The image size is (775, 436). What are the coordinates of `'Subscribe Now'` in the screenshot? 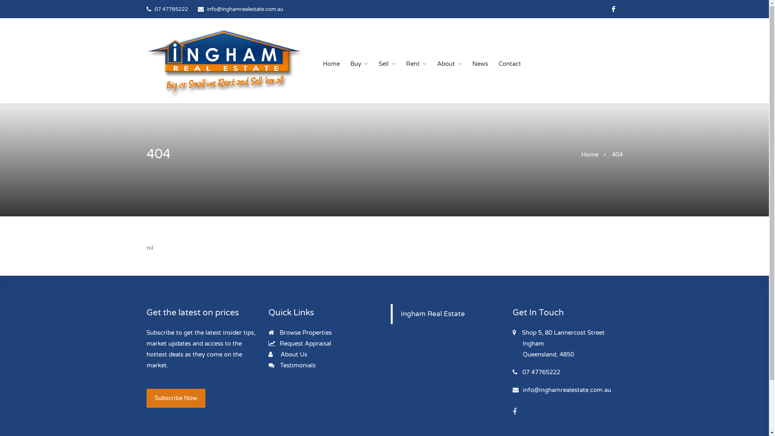 It's located at (175, 398).